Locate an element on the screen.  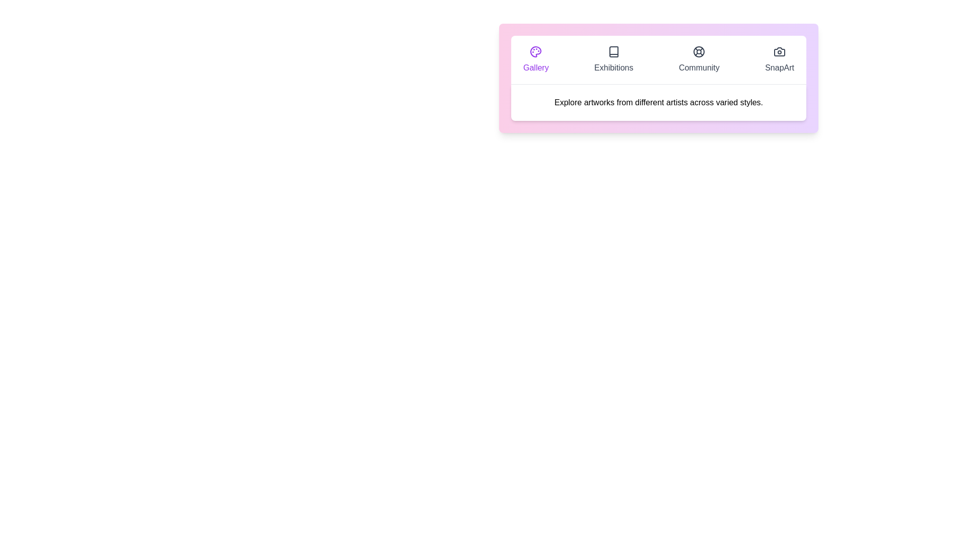
the tab labeled Exhibitions to display its content is located at coordinates (613, 60).